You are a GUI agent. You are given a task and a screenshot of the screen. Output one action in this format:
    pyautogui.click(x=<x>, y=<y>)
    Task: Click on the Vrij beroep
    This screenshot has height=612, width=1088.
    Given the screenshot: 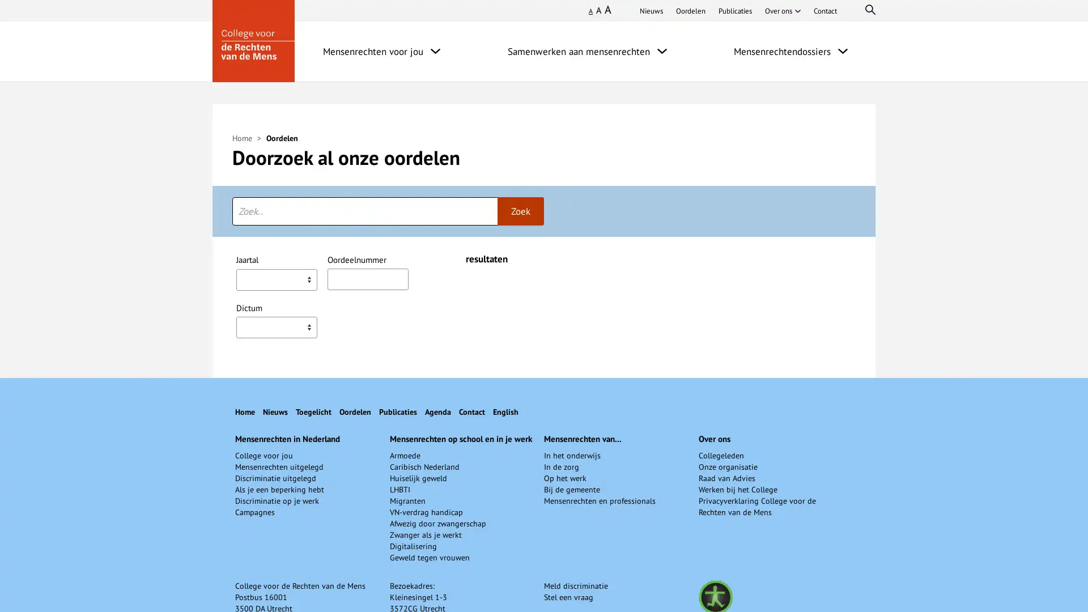 What is the action you would take?
    pyautogui.click(x=607, y=457)
    